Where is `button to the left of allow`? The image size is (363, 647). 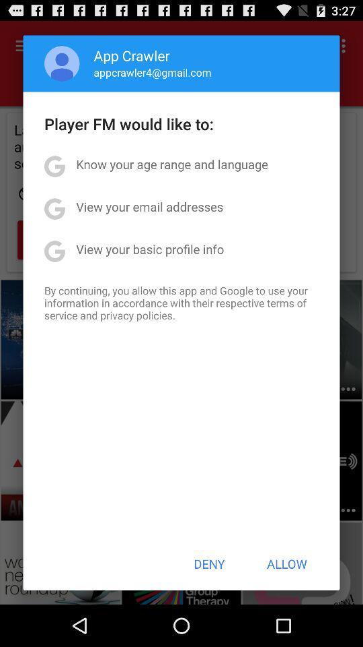 button to the left of allow is located at coordinates (209, 563).